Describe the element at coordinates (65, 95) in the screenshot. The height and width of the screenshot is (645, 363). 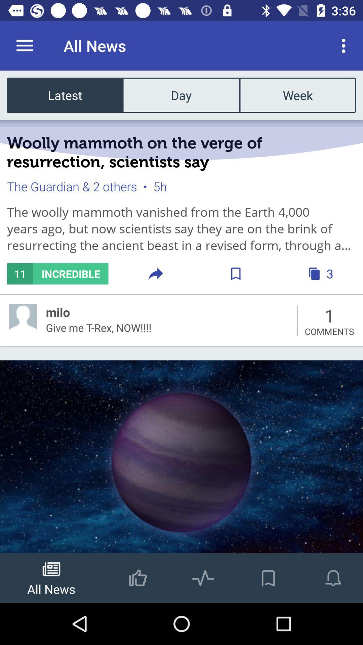
I see `item above woolly mammoth on` at that location.